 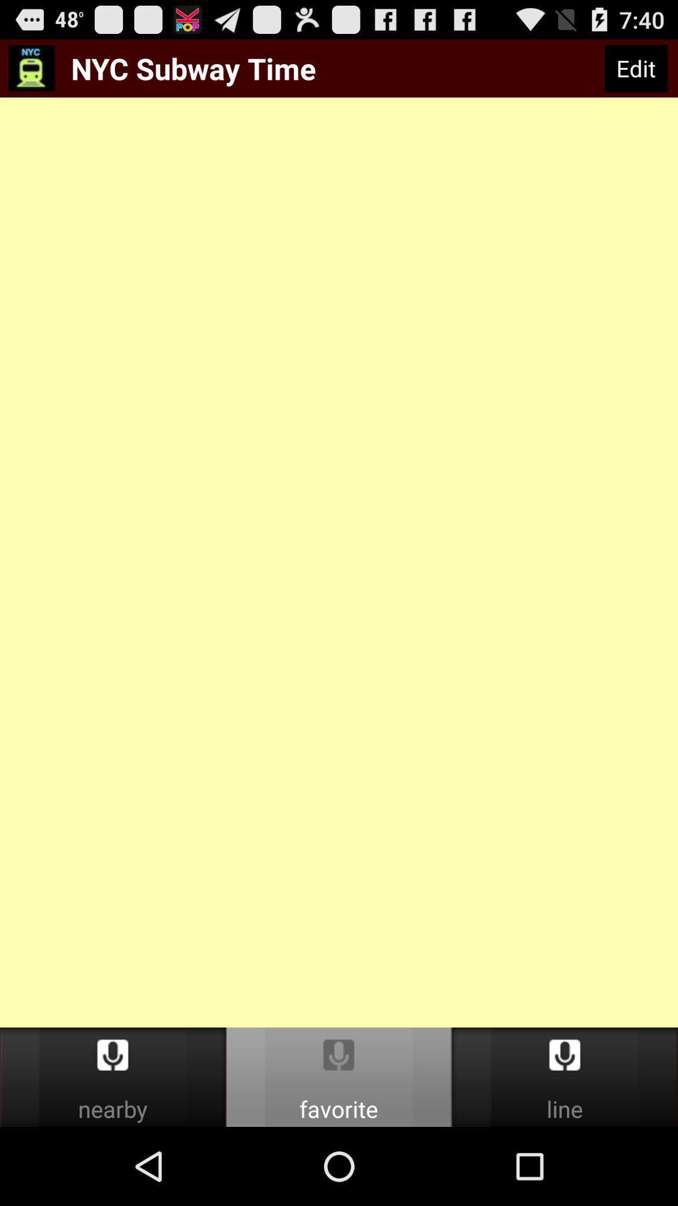 What do you see at coordinates (636, 68) in the screenshot?
I see `the item next to the nyc subway time app` at bounding box center [636, 68].